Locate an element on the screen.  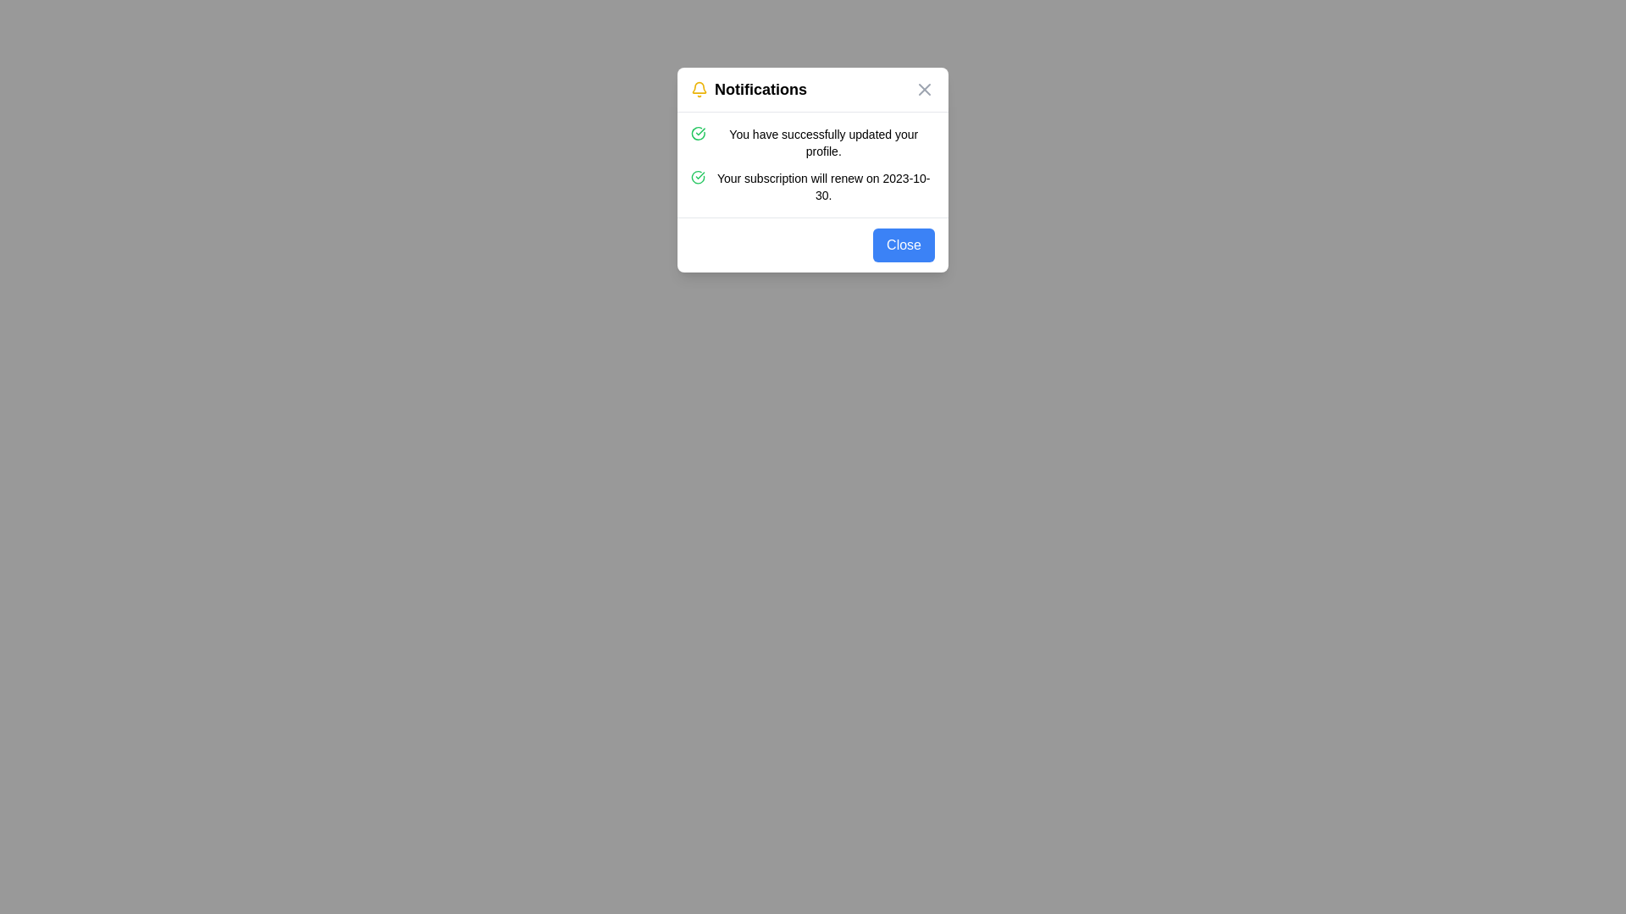
the informational text element displaying 'Your subscription will renew on 2023-10-30.' which is the second item in the notifications popup is located at coordinates (813, 186).